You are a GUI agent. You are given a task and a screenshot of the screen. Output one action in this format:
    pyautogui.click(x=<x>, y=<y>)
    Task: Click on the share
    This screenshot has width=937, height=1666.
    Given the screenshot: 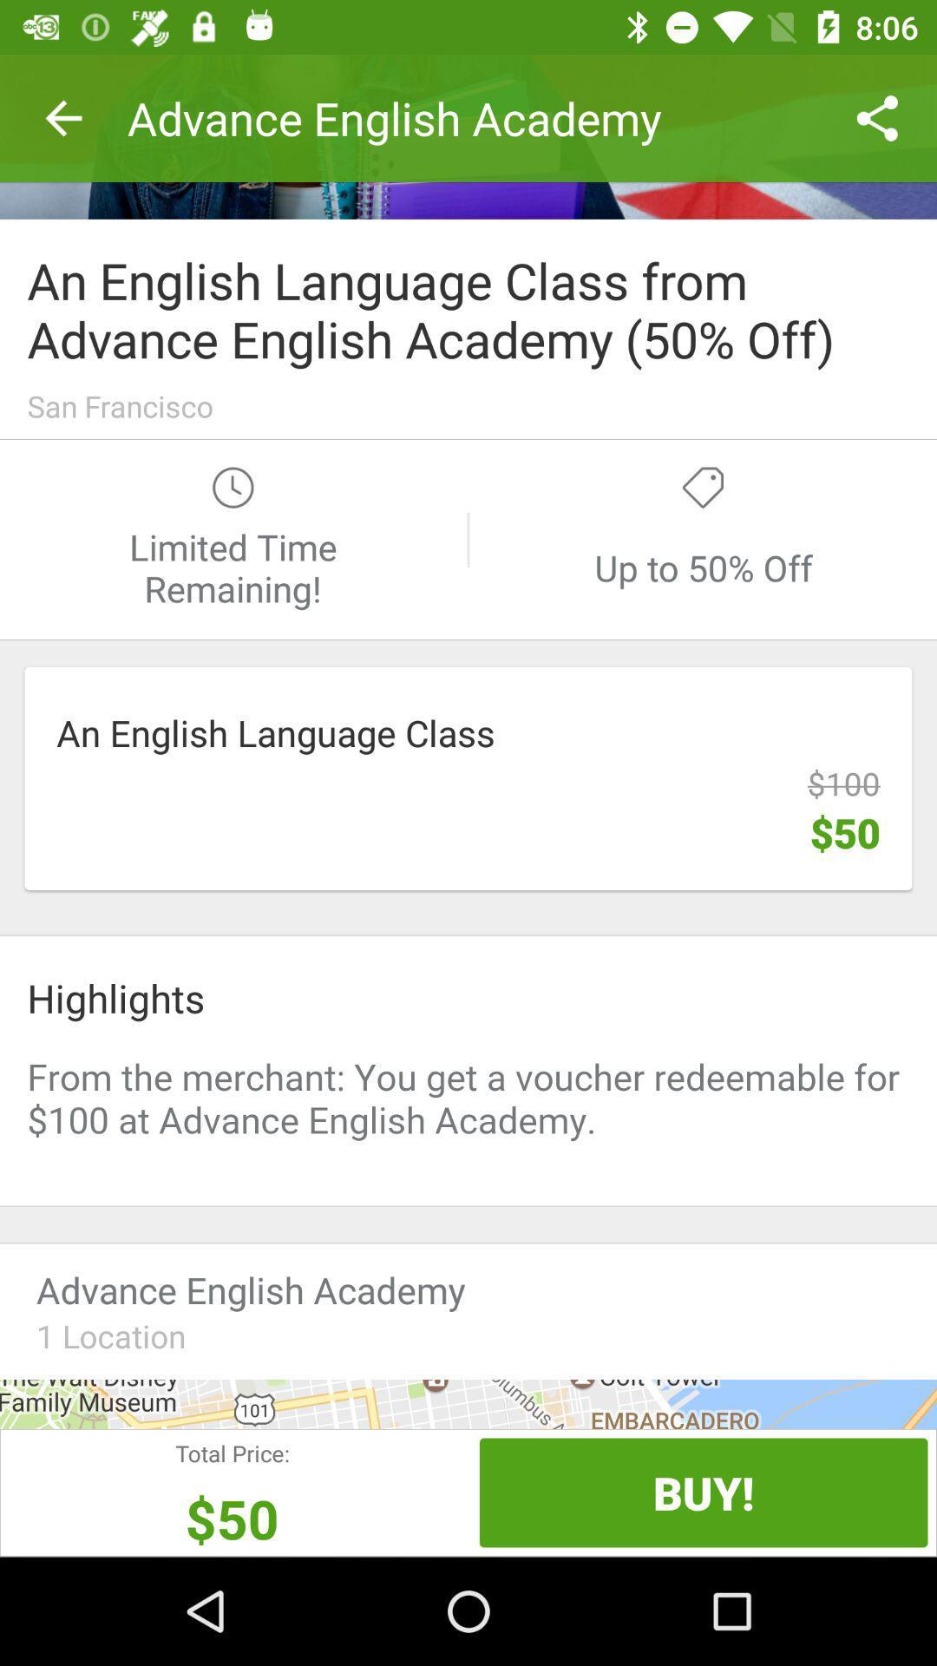 What is the action you would take?
    pyautogui.click(x=468, y=135)
    